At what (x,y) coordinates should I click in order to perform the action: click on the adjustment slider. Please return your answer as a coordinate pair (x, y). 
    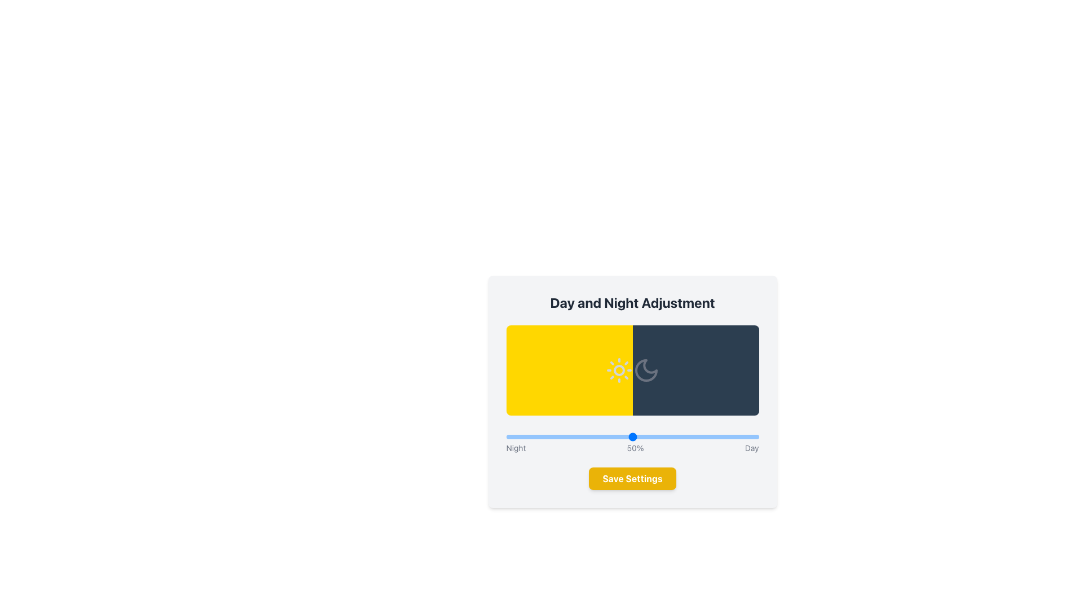
    Looking at the image, I should click on (673, 436).